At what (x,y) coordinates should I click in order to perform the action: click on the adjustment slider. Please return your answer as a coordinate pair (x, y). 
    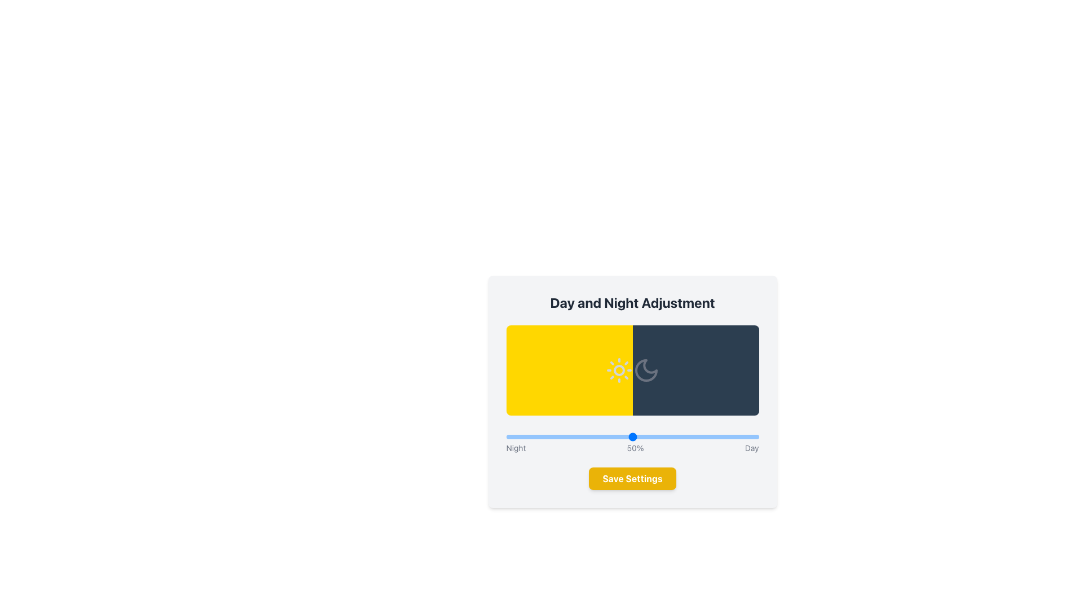
    Looking at the image, I should click on (673, 436).